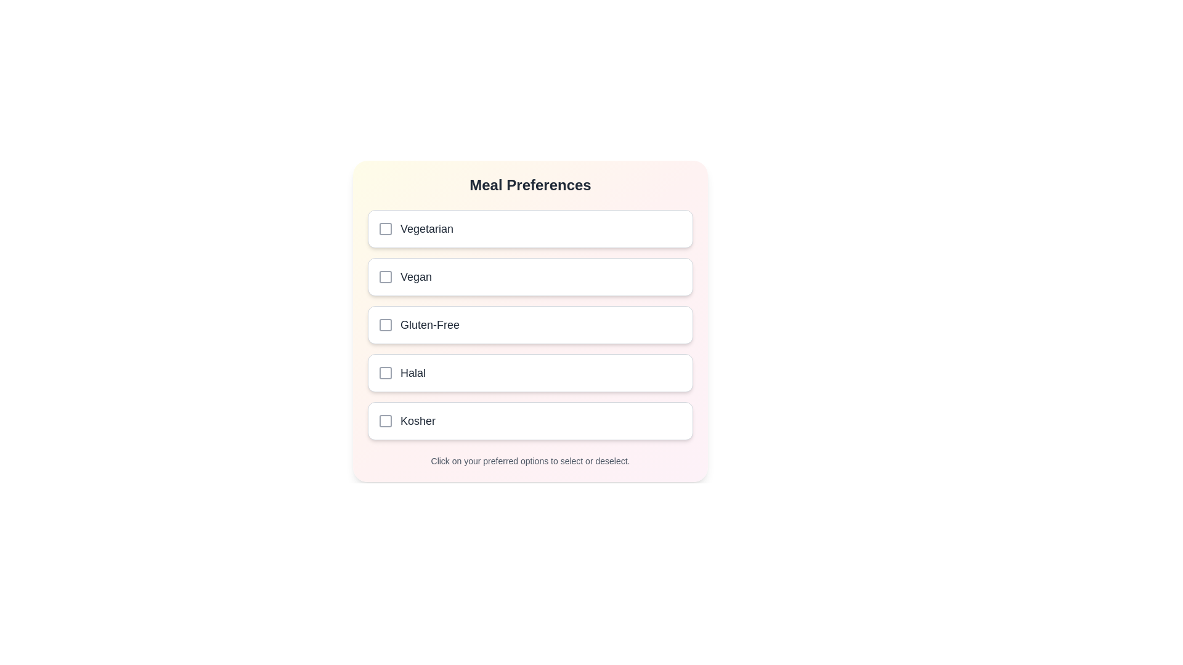 The width and height of the screenshot is (1183, 665). What do you see at coordinates (530, 372) in the screenshot?
I see `the meal preference Halal` at bounding box center [530, 372].